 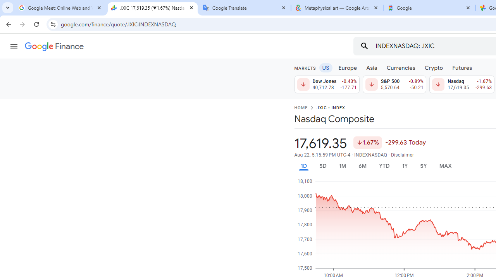 I want to click on 'Currencies', so click(x=401, y=67).